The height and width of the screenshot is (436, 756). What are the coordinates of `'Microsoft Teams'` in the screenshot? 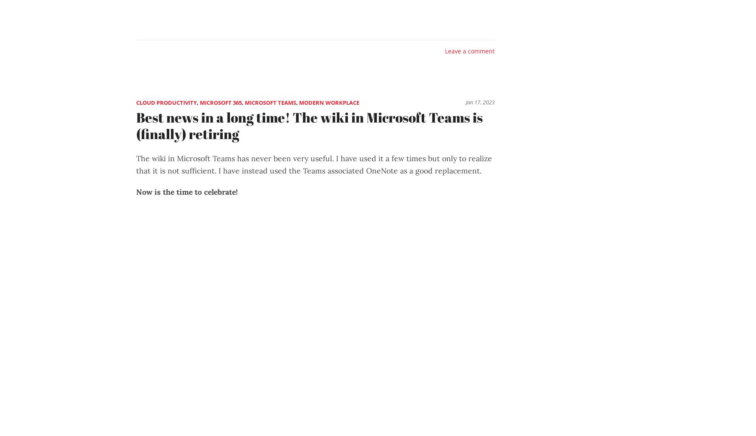 It's located at (270, 102).